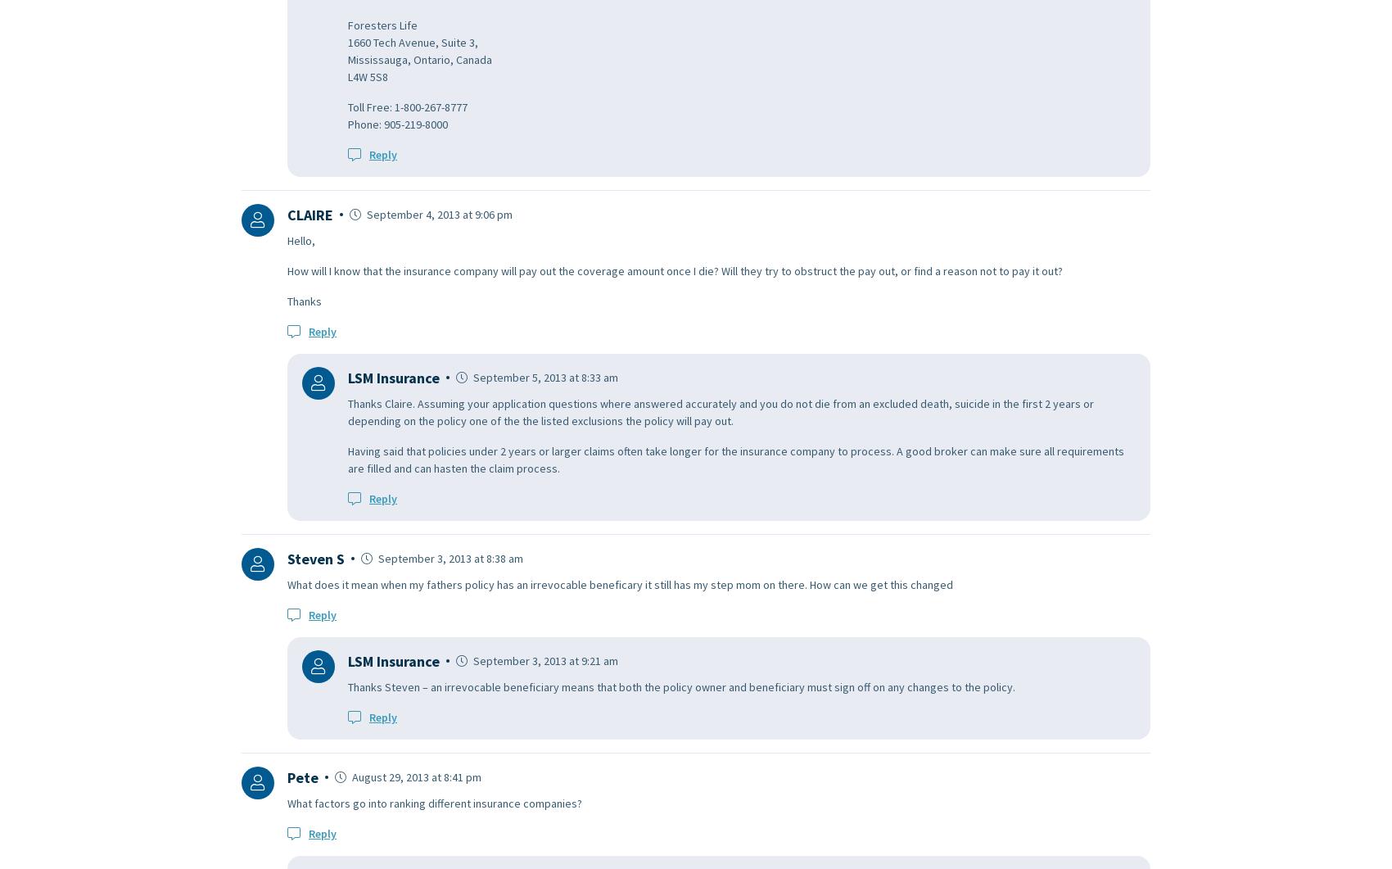 The height and width of the screenshot is (869, 1392). Describe the element at coordinates (348, 42) in the screenshot. I see `'1660 Tech Avenue, Suite 3,'` at that location.